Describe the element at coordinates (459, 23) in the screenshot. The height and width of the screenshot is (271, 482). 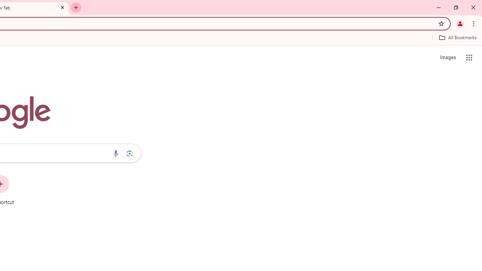
I see `'You'` at that location.